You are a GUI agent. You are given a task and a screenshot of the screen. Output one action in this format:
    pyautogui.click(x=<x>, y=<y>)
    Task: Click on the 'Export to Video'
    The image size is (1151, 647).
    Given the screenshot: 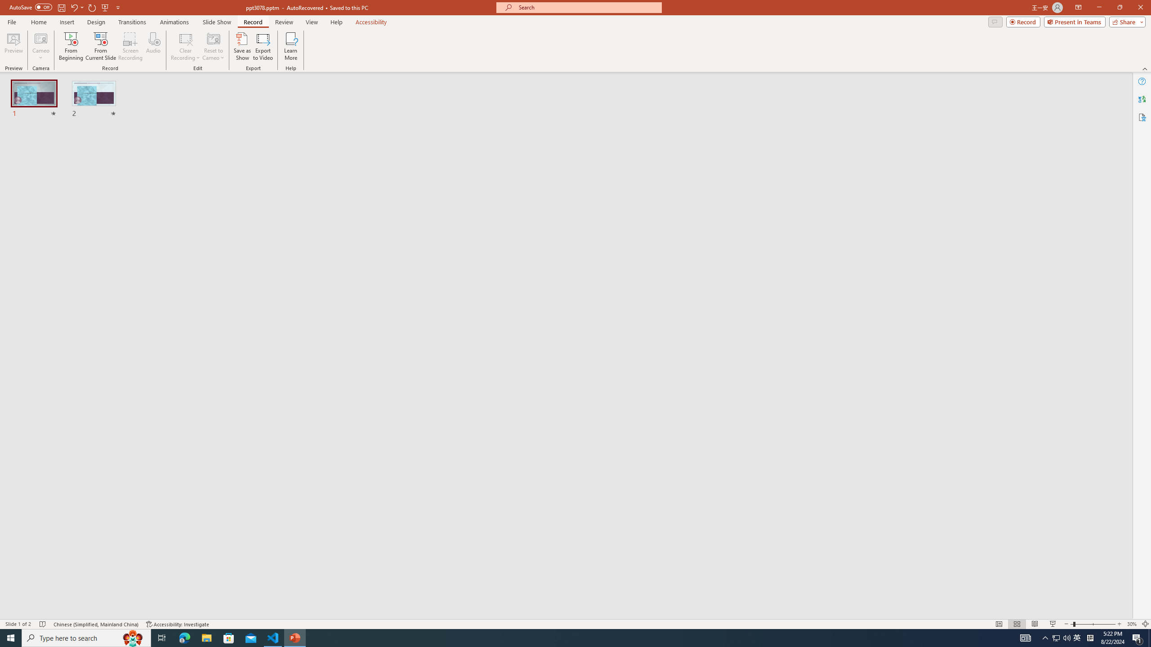 What is the action you would take?
    pyautogui.click(x=262, y=46)
    